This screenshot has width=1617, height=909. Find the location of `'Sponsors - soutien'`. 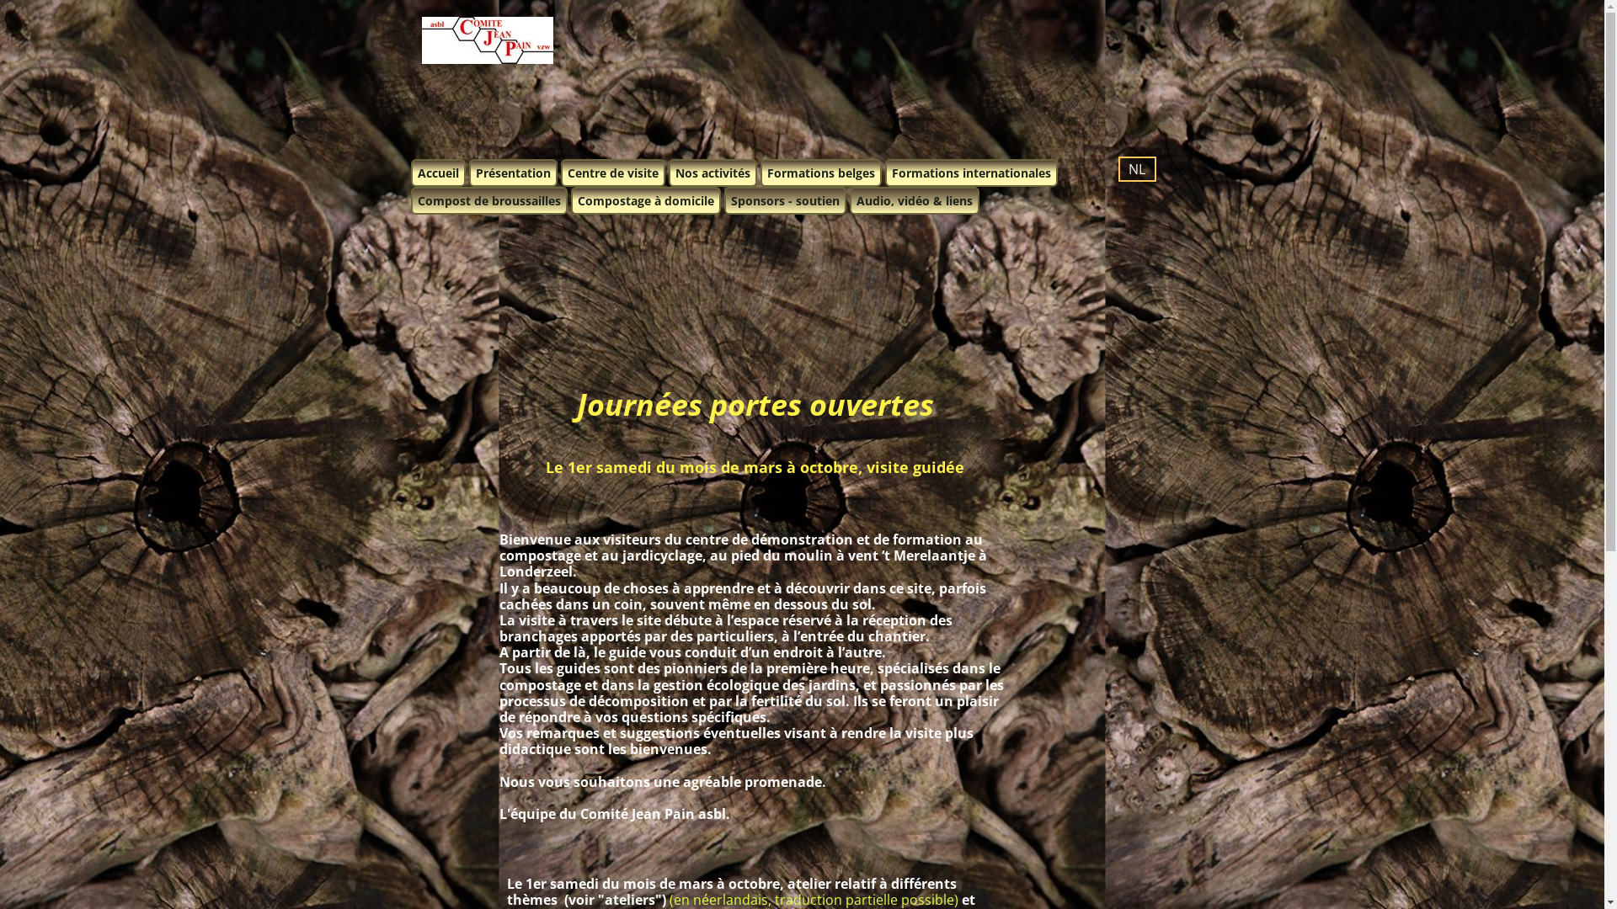

'Sponsors - soutien' is located at coordinates (784, 199).